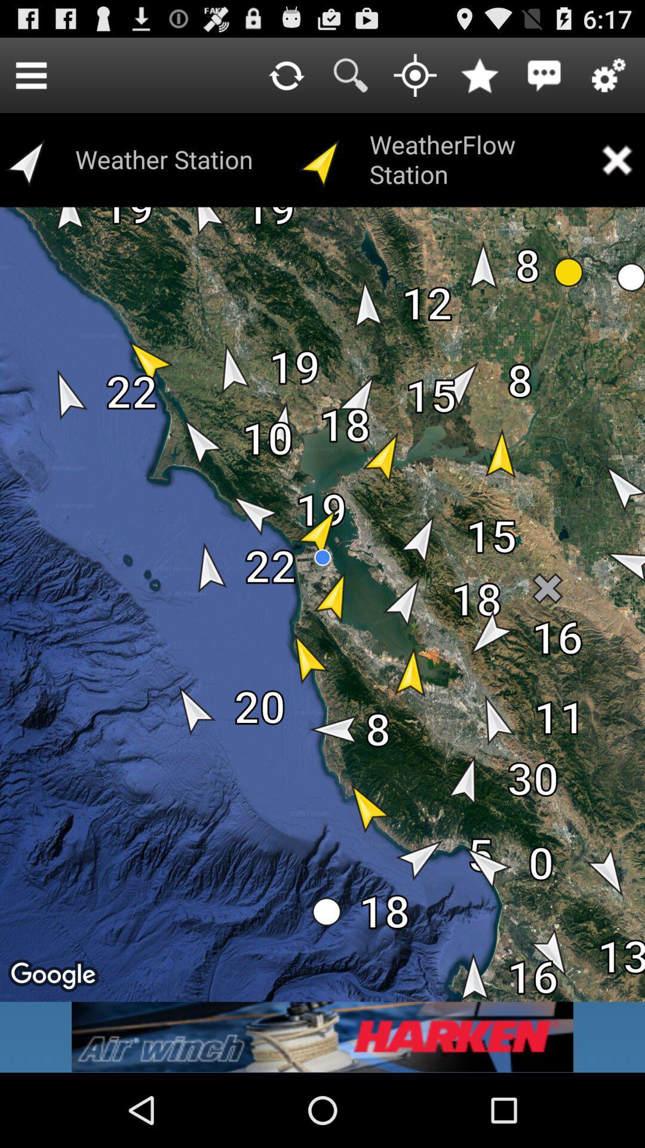 The image size is (645, 1148). What do you see at coordinates (616, 159) in the screenshot?
I see `the weather flow station option` at bounding box center [616, 159].